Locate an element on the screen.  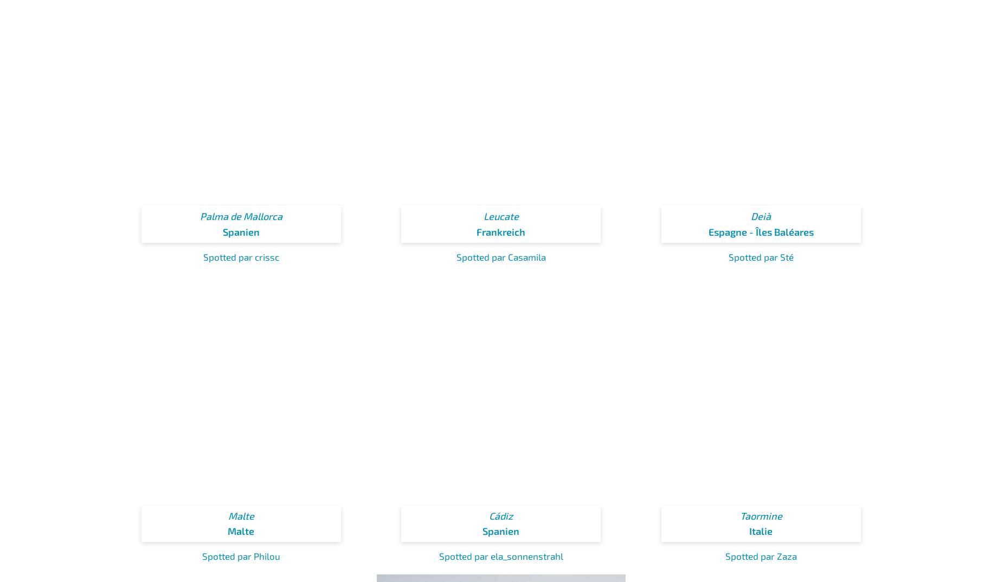
'Spotted par ela_sonnenstrahl' is located at coordinates (500, 555).